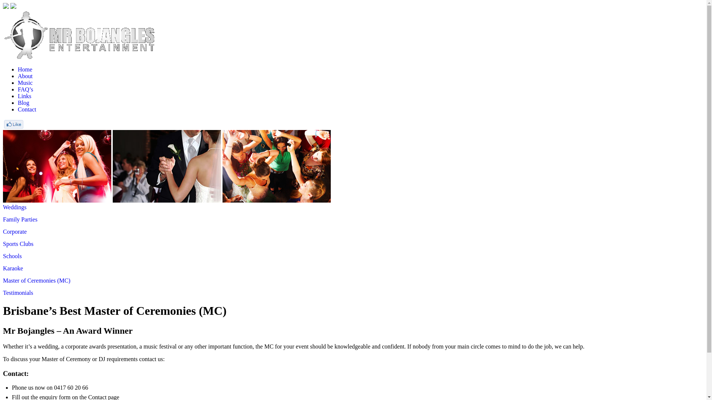 This screenshot has height=400, width=712. Describe the element at coordinates (14, 207) in the screenshot. I see `'Weddings'` at that location.